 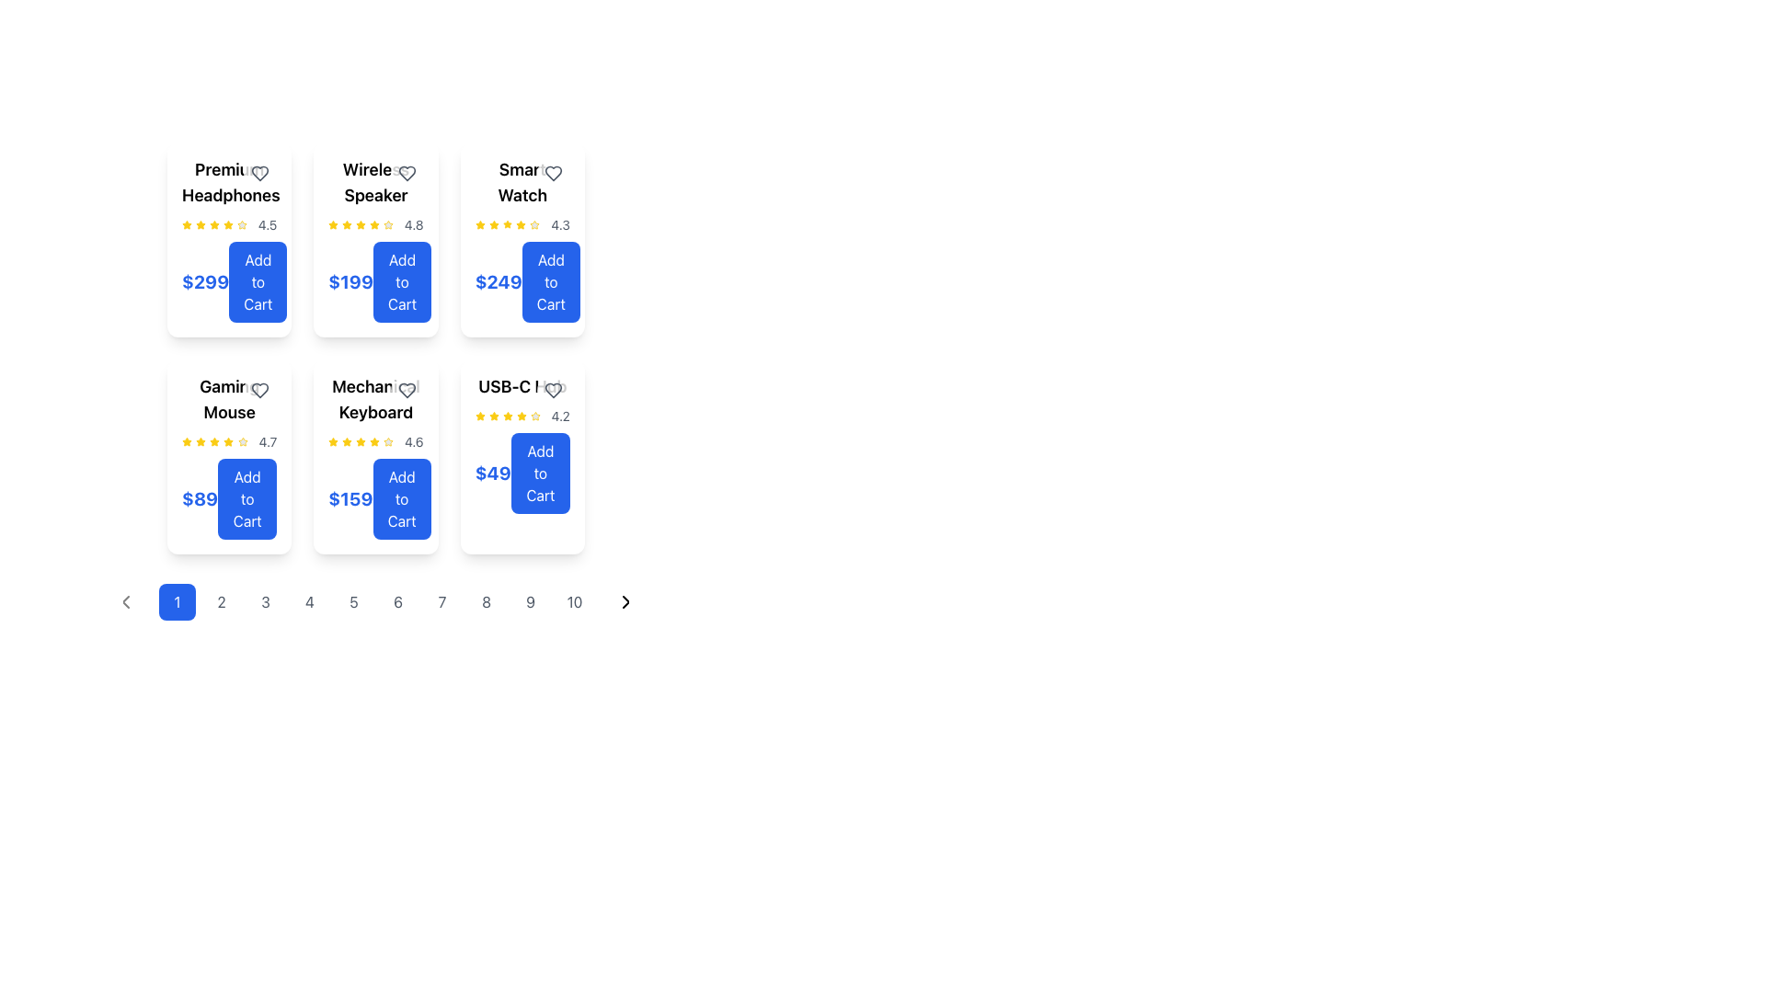 I want to click on the heart-shaped icon located in the top-right corner of the 'Smart Watch' product card to mark the item as a favorite, so click(x=552, y=174).